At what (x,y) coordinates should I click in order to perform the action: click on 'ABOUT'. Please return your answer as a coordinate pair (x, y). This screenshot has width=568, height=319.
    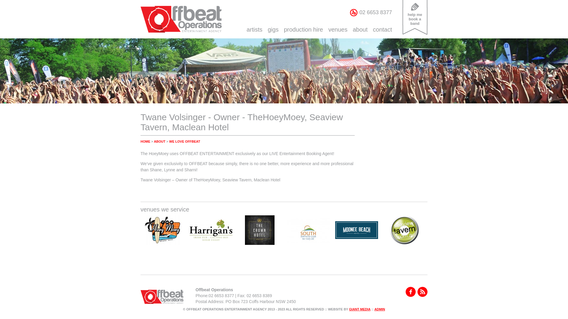
    Looking at the image, I should click on (159, 141).